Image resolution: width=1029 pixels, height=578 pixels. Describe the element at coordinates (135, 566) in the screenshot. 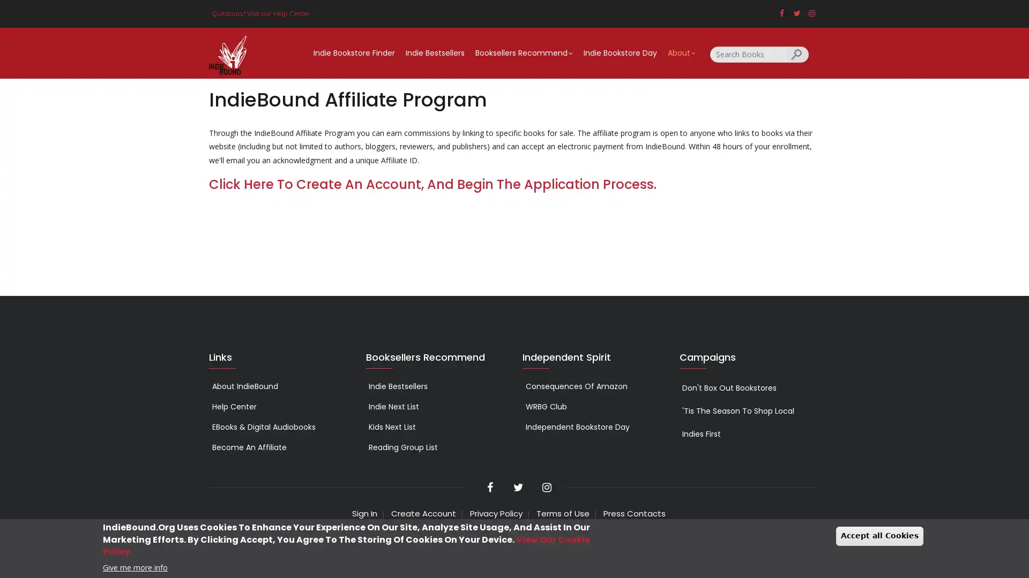

I see `Give me more info` at that location.